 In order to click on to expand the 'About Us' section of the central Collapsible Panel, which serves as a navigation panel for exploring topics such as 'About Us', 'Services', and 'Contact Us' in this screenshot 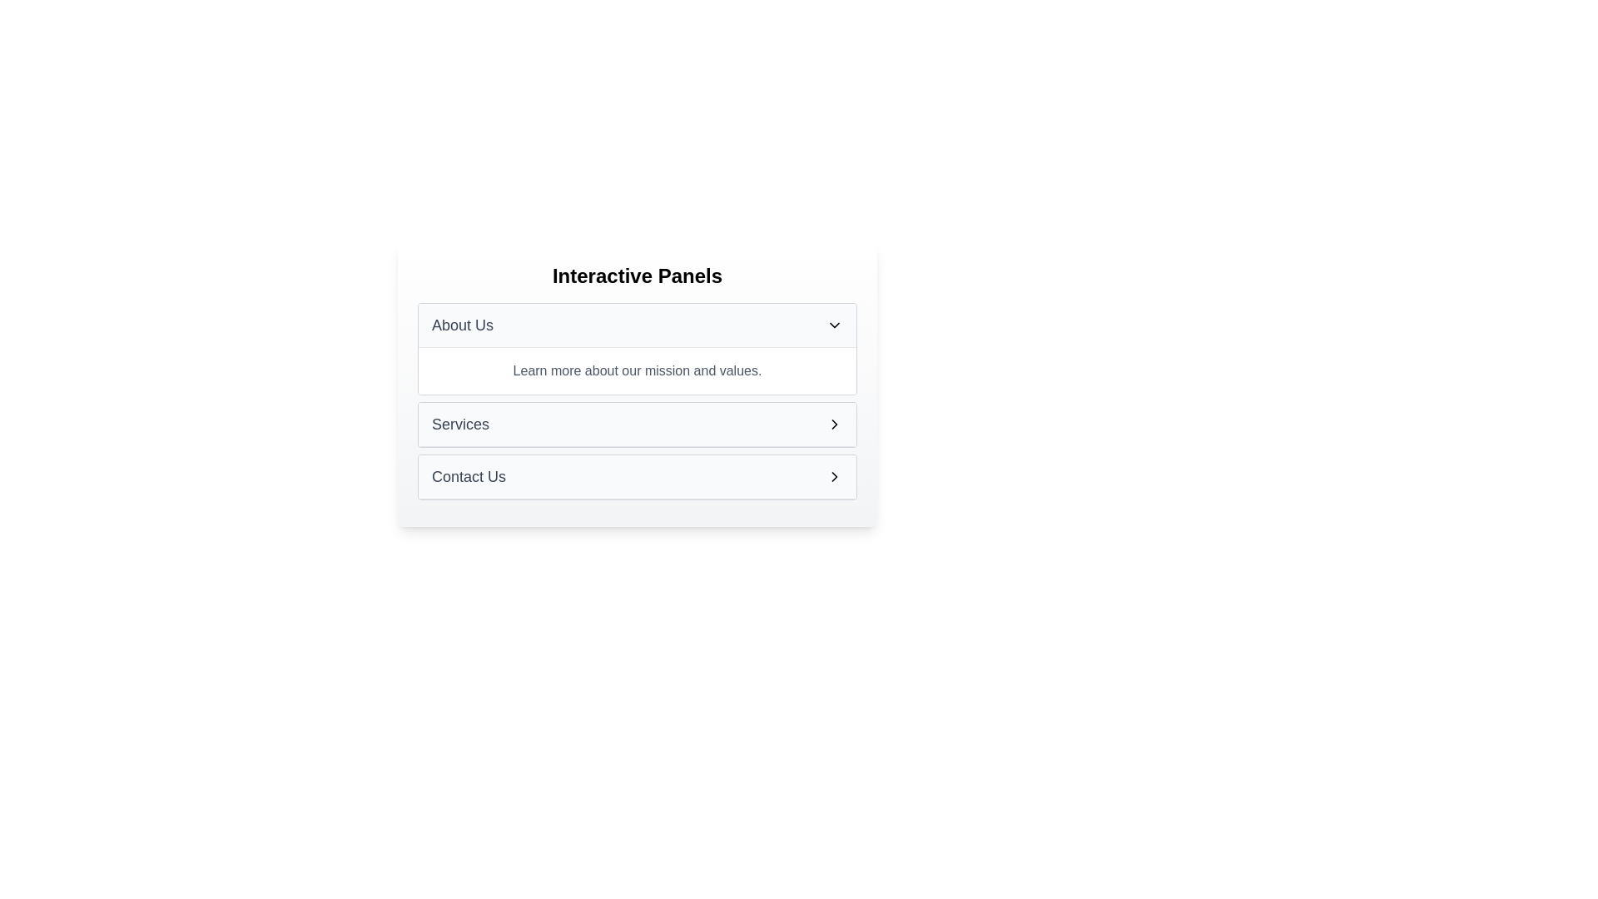, I will do `click(637, 385)`.